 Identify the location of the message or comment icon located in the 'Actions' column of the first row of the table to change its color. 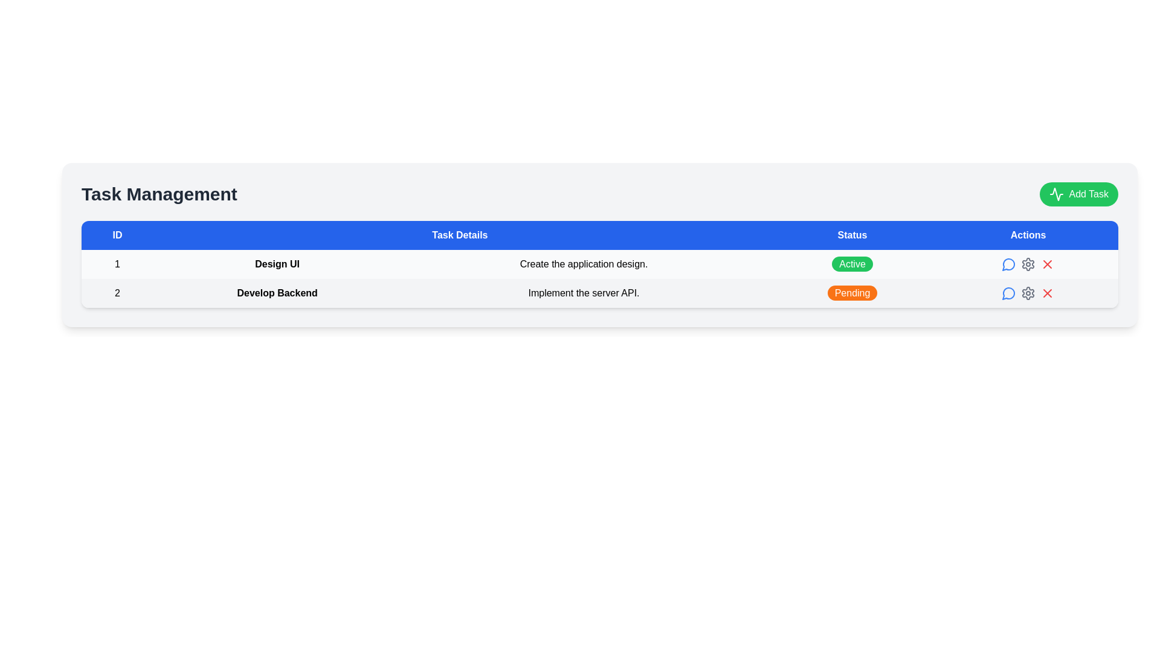
(1009, 264).